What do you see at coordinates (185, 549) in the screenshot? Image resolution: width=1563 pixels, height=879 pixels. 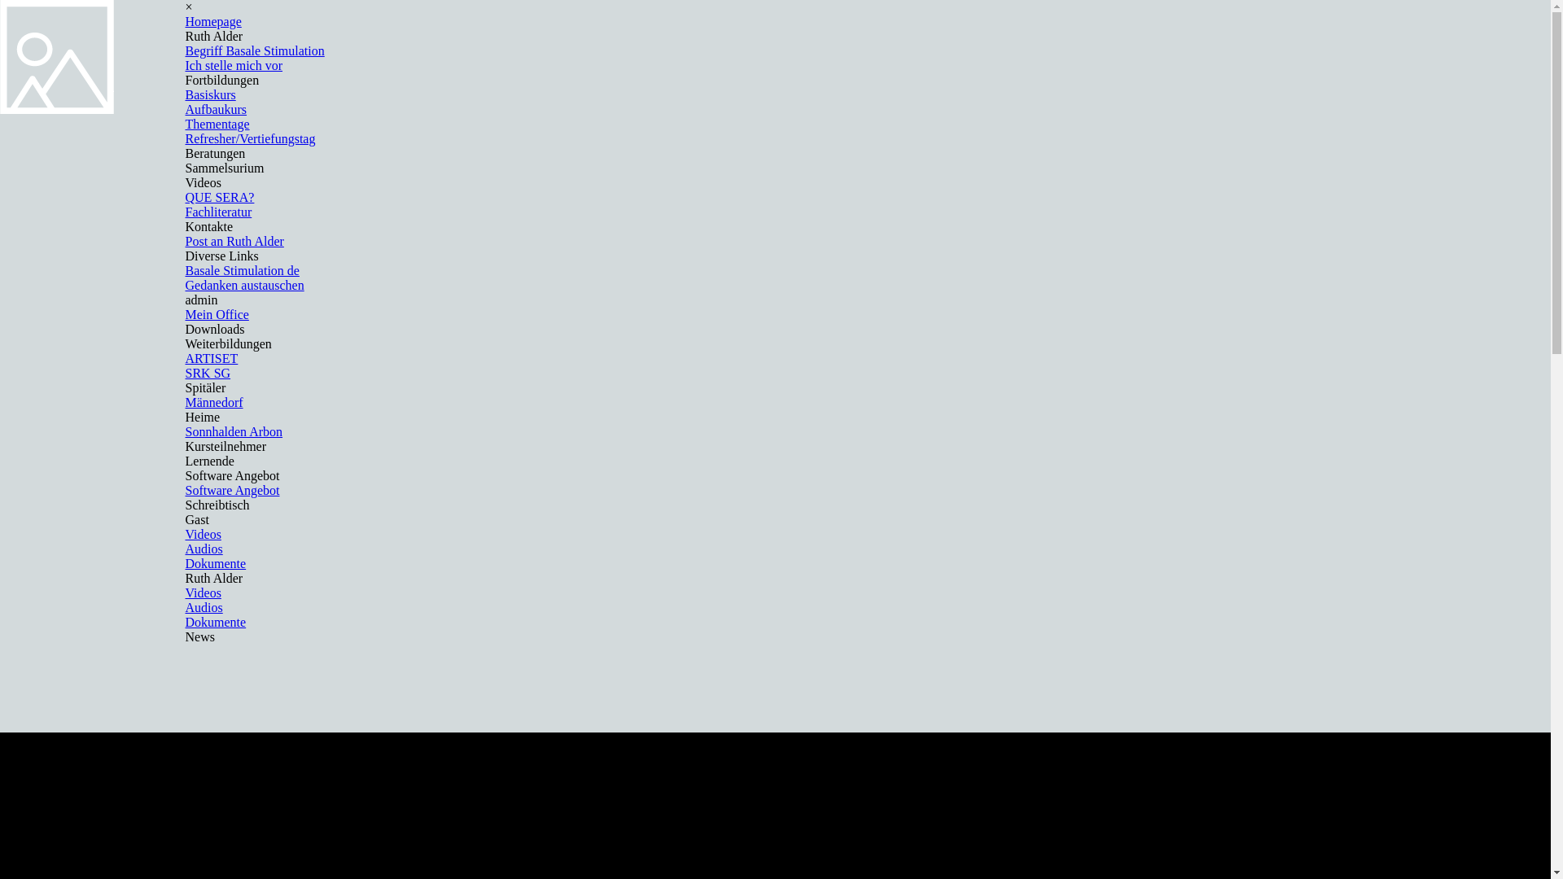 I see `'Audios'` at bounding box center [185, 549].